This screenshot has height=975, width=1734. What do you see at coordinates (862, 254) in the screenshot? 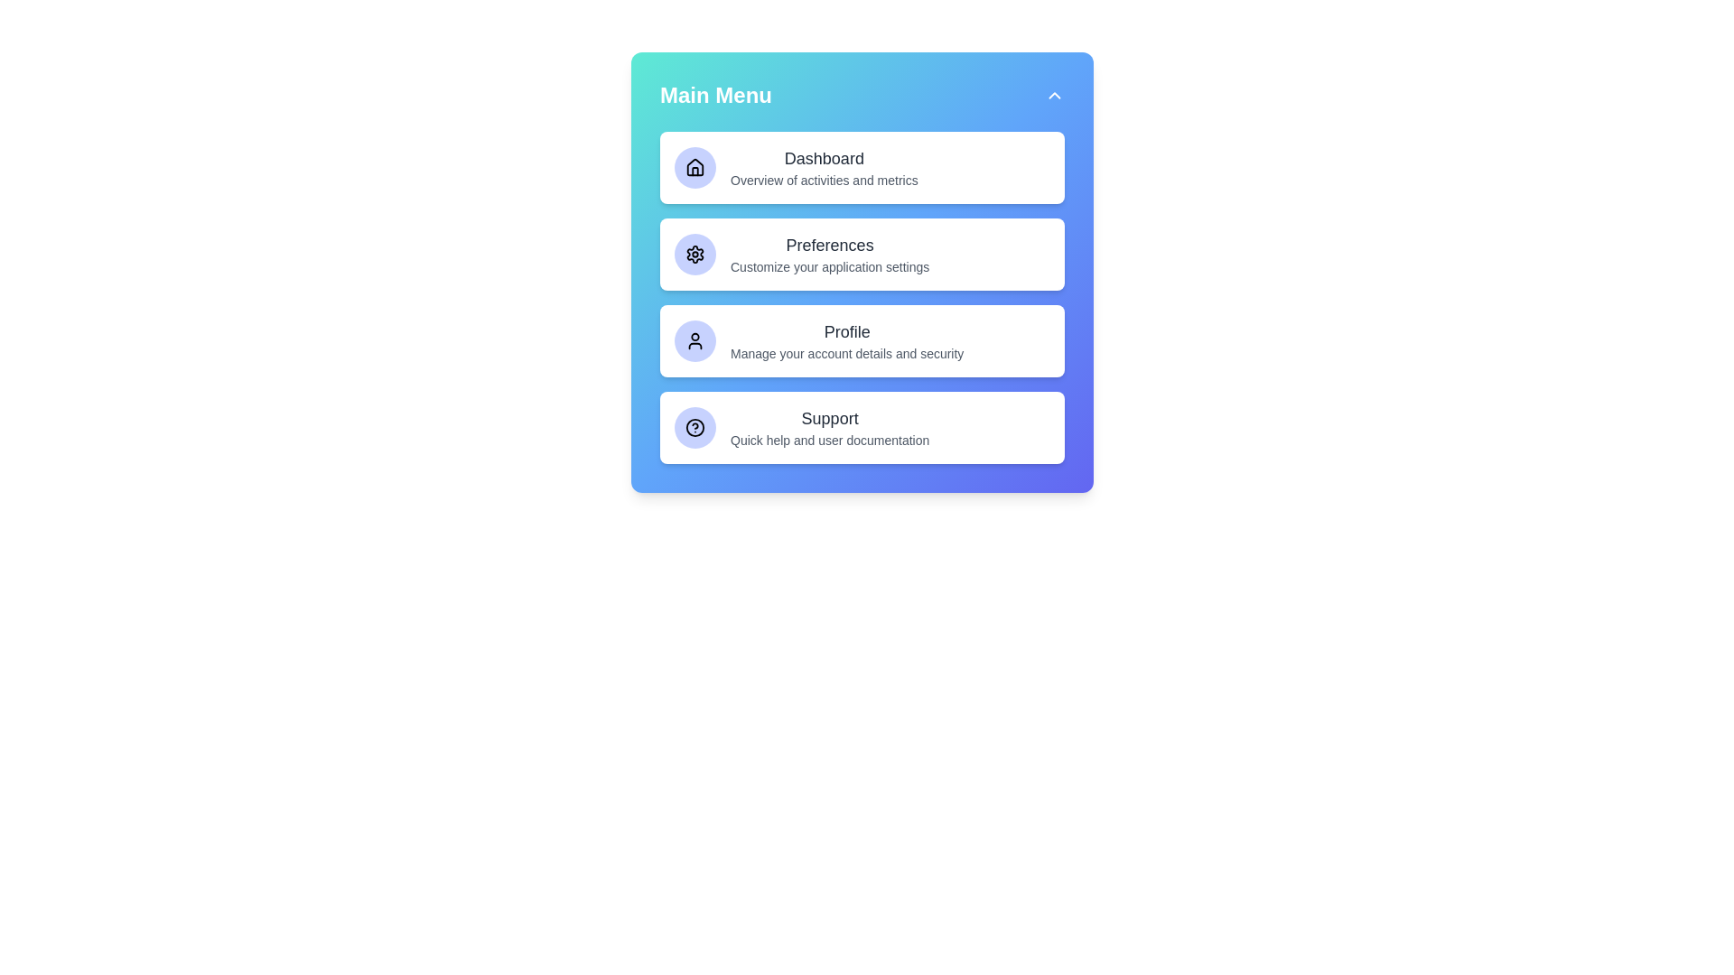
I see `the menu option Preferences` at bounding box center [862, 254].